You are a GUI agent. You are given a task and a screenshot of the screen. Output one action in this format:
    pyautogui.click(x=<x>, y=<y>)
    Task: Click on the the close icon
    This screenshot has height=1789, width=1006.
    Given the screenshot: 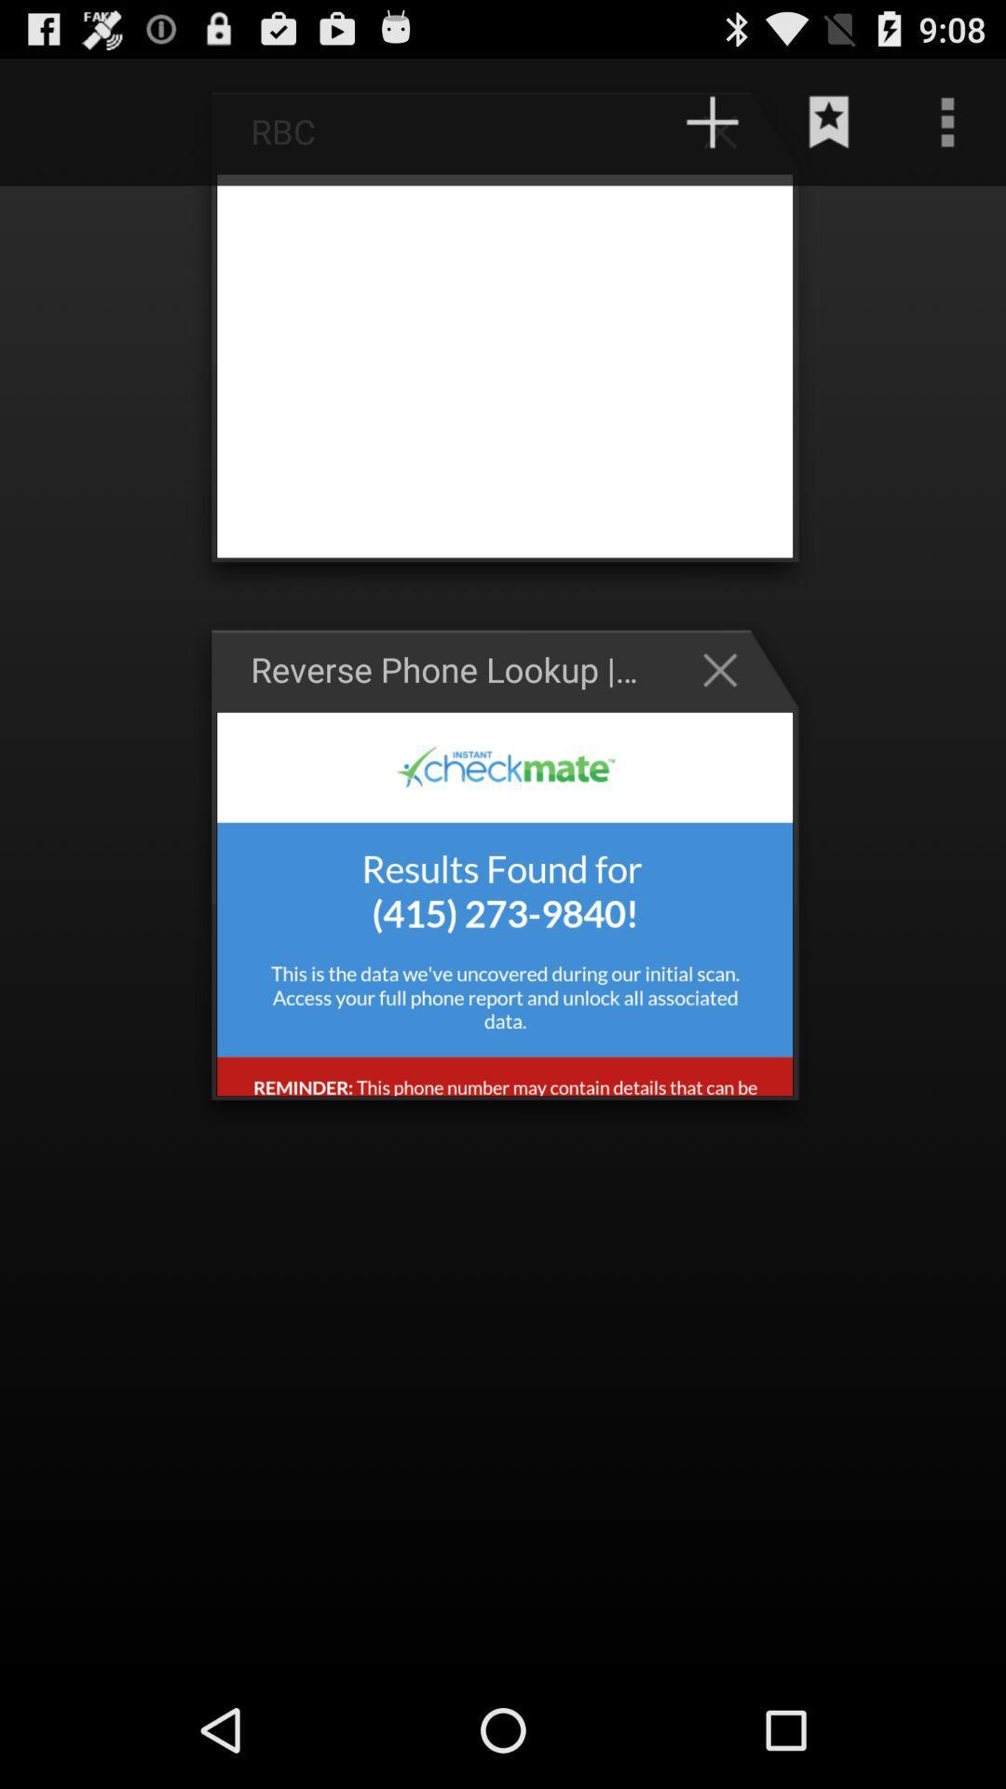 What is the action you would take?
    pyautogui.click(x=728, y=715)
    